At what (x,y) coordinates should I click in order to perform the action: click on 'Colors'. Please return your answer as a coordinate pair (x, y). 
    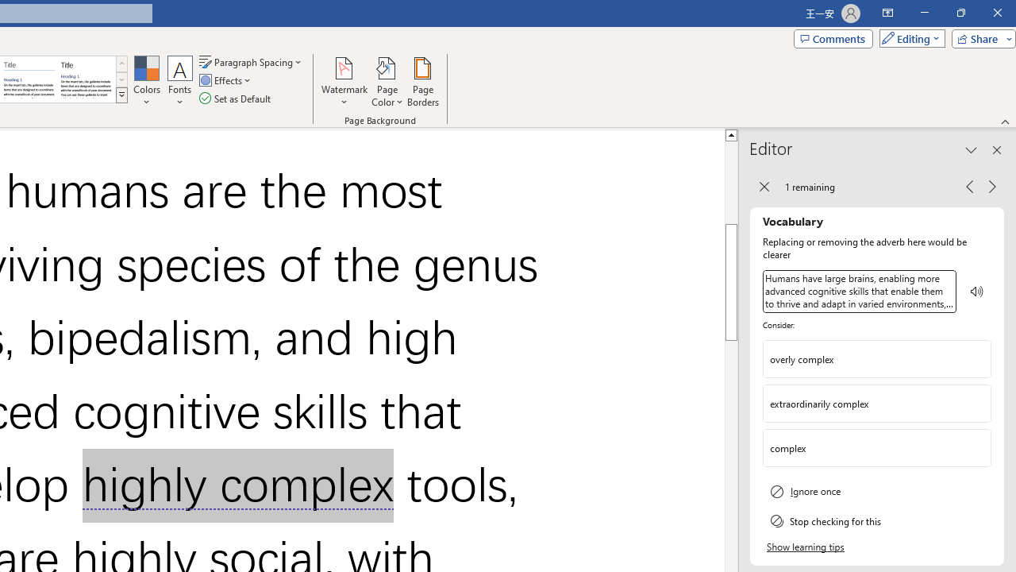
    Looking at the image, I should click on (146, 82).